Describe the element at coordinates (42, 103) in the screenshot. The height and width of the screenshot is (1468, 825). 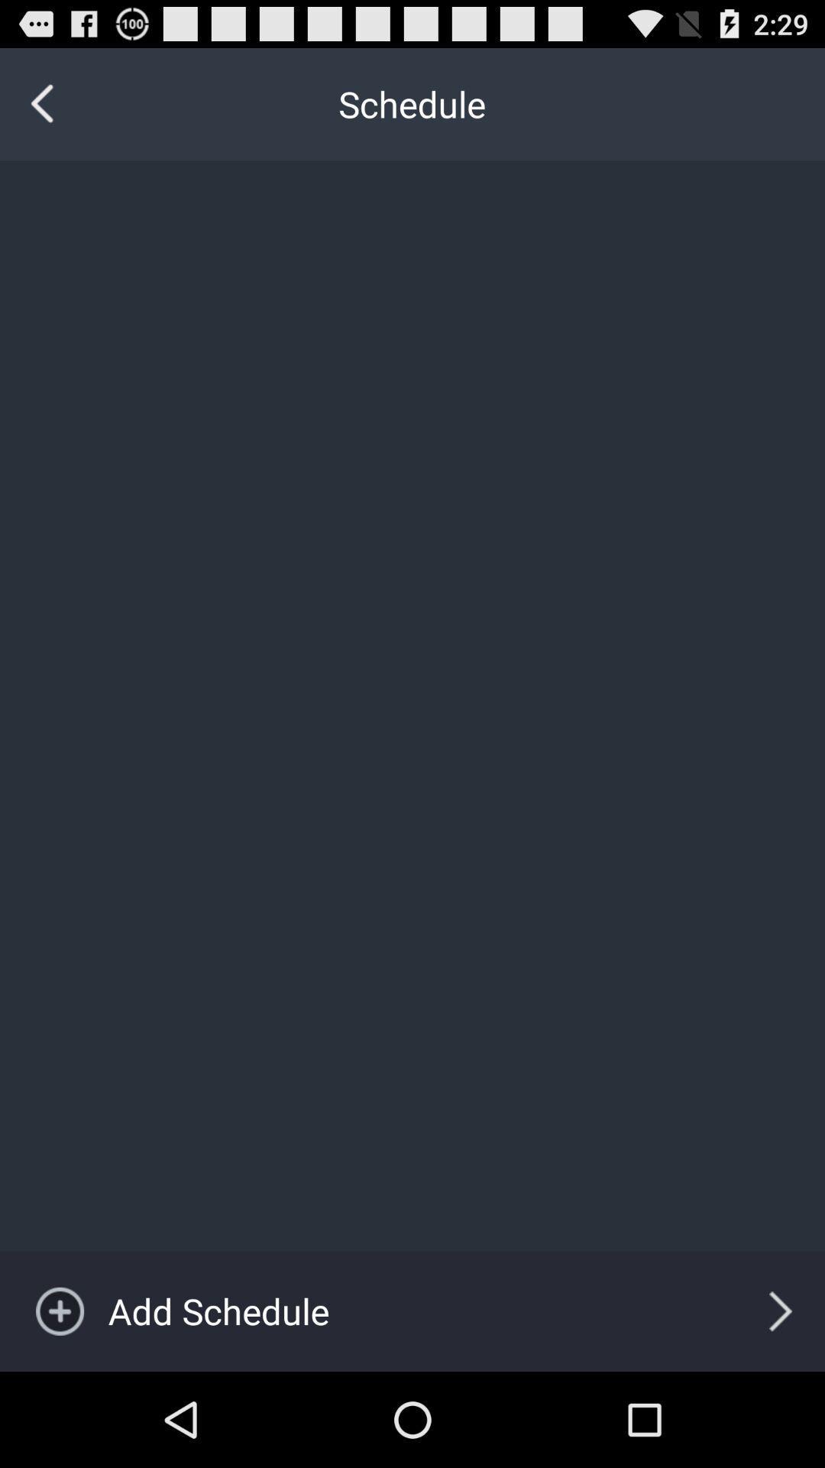
I see `item at the top left corner` at that location.